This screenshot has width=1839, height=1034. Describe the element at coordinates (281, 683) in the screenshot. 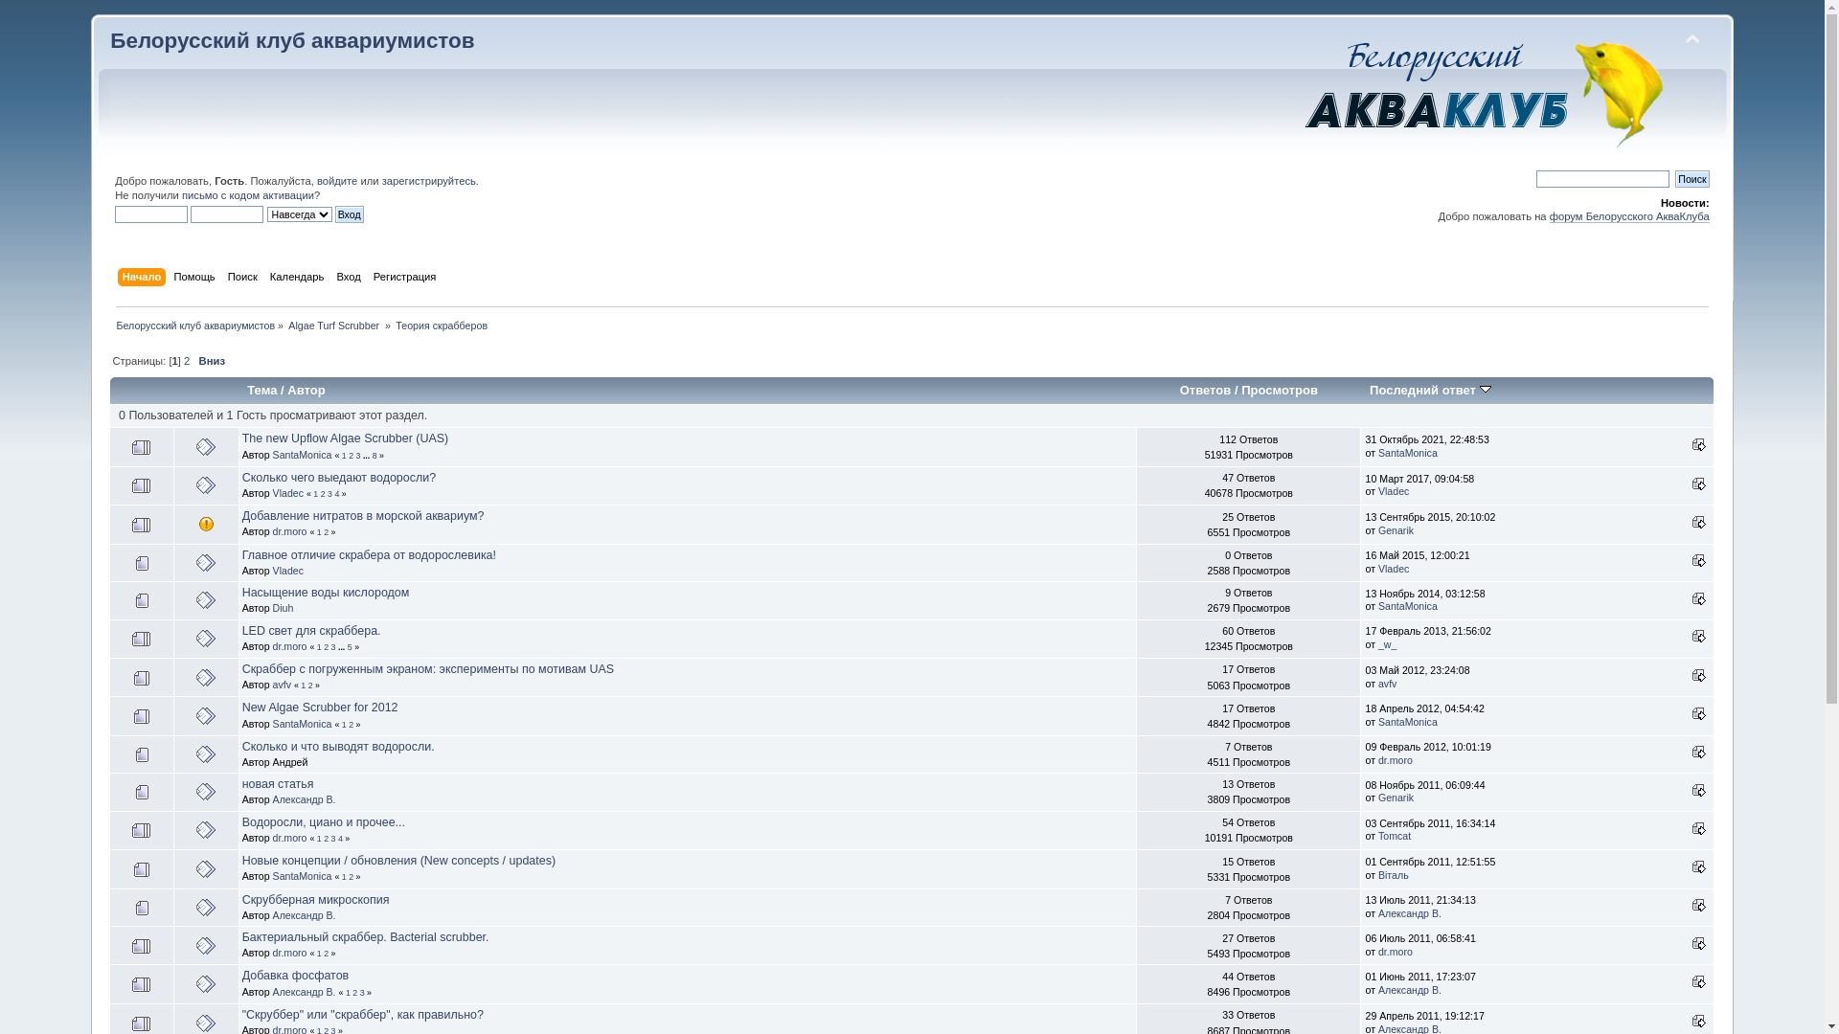

I see `'avfv'` at that location.